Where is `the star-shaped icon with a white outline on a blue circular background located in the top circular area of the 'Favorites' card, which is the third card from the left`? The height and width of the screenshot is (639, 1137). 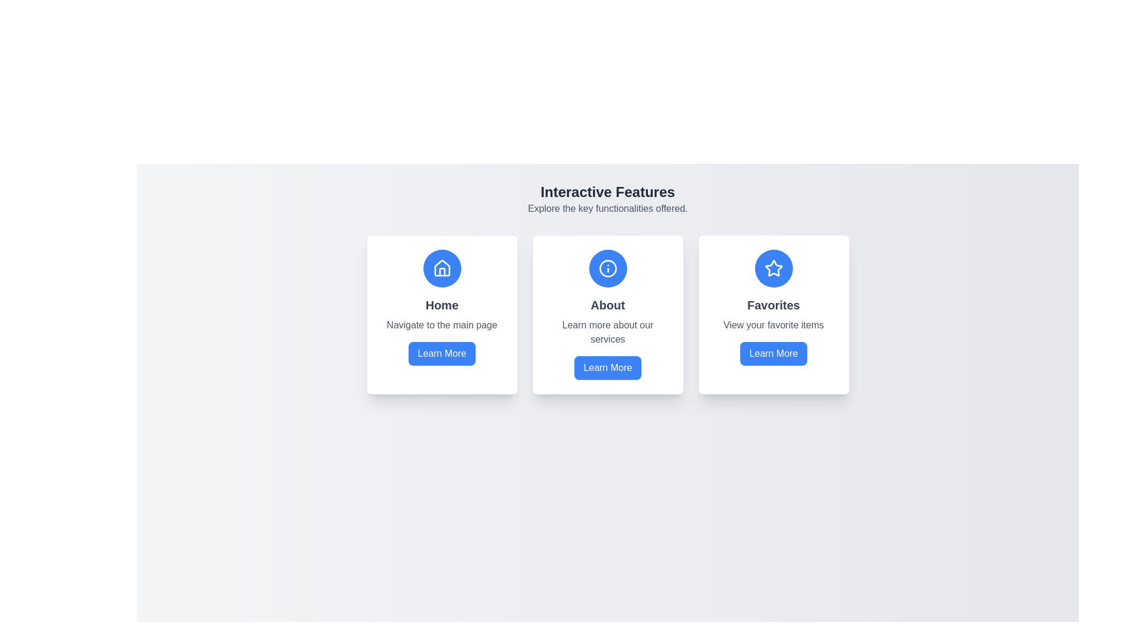 the star-shaped icon with a white outline on a blue circular background located in the top circular area of the 'Favorites' card, which is the third card from the left is located at coordinates (773, 269).